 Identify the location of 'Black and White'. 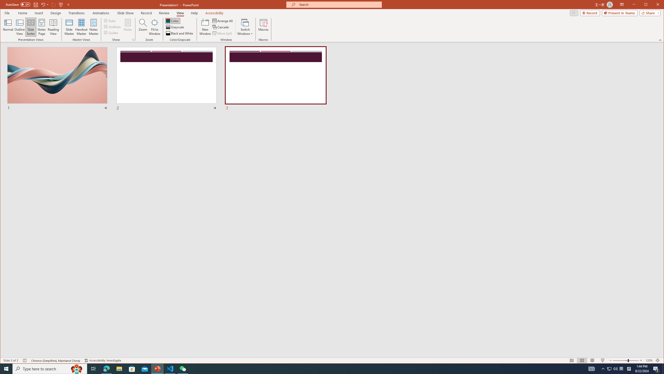
(179, 33).